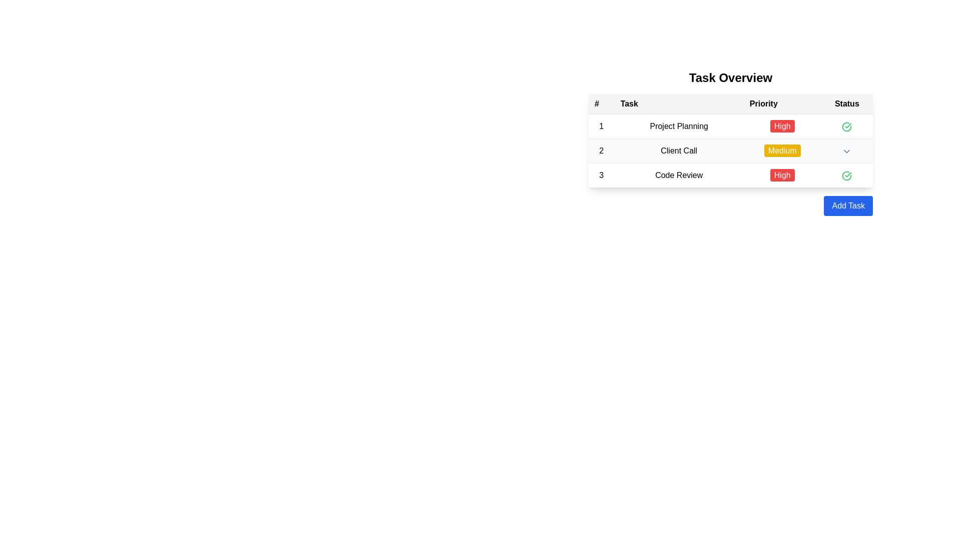  Describe the element at coordinates (679, 175) in the screenshot. I see `the 'Code Review' text label located in the 'Task Overview' table, specifically in the third row under the 'Task' column, between the elements displaying '3' and 'High'` at that location.